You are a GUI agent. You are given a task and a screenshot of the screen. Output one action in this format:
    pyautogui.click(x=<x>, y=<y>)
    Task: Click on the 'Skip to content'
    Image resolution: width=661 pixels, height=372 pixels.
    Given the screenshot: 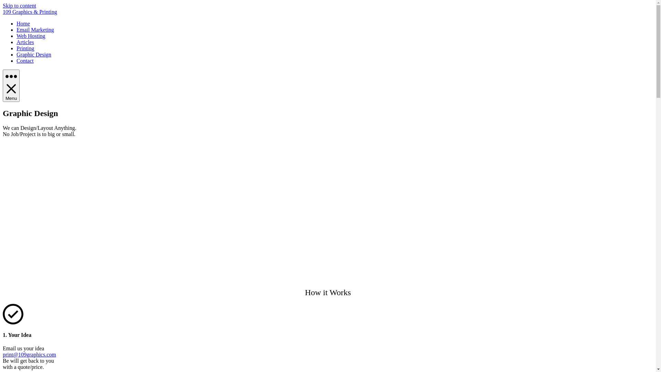 What is the action you would take?
    pyautogui.click(x=19, y=6)
    